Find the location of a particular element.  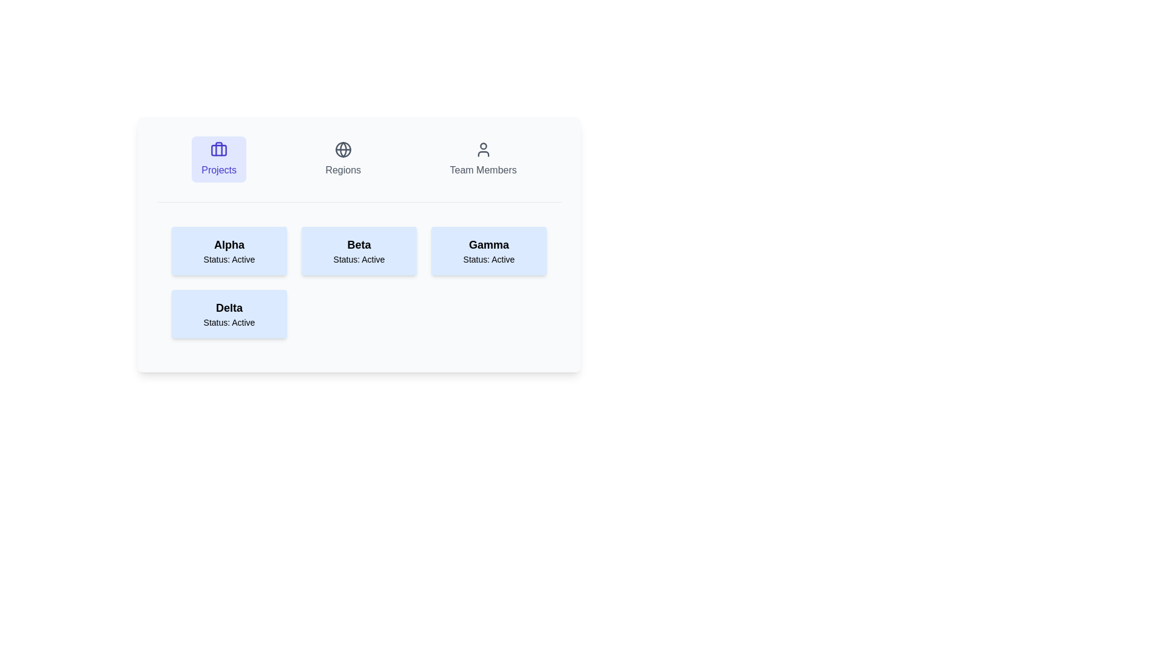

the Regions tab by clicking on its button is located at coordinates (343, 158).